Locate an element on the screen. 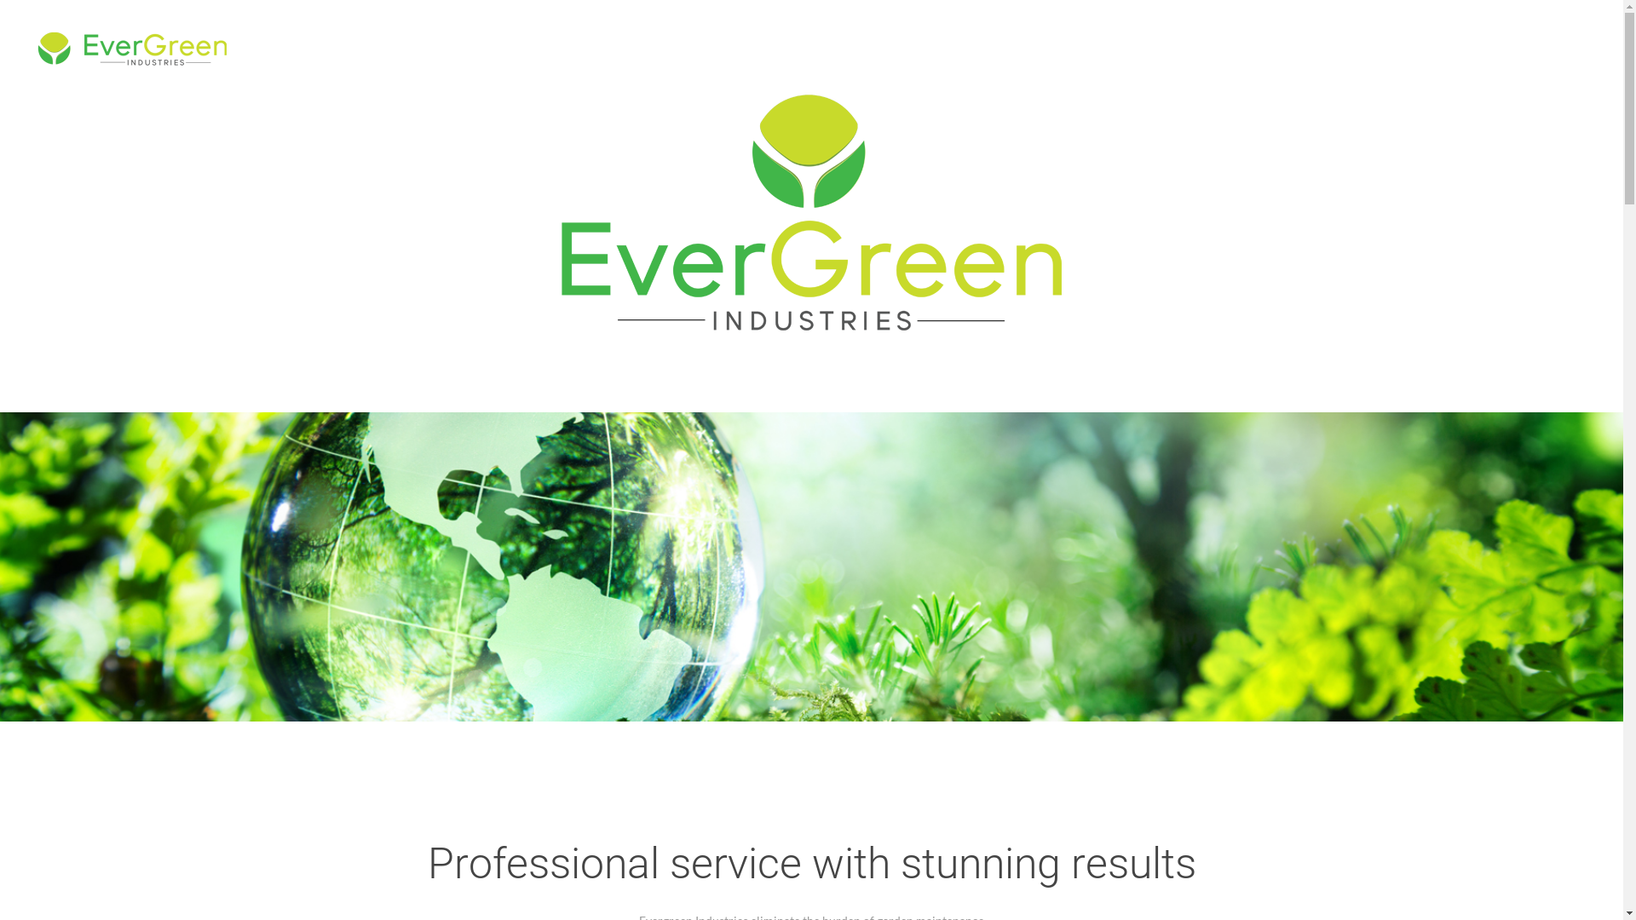 The height and width of the screenshot is (920, 1636). 'Contact' is located at coordinates (1571, 47).